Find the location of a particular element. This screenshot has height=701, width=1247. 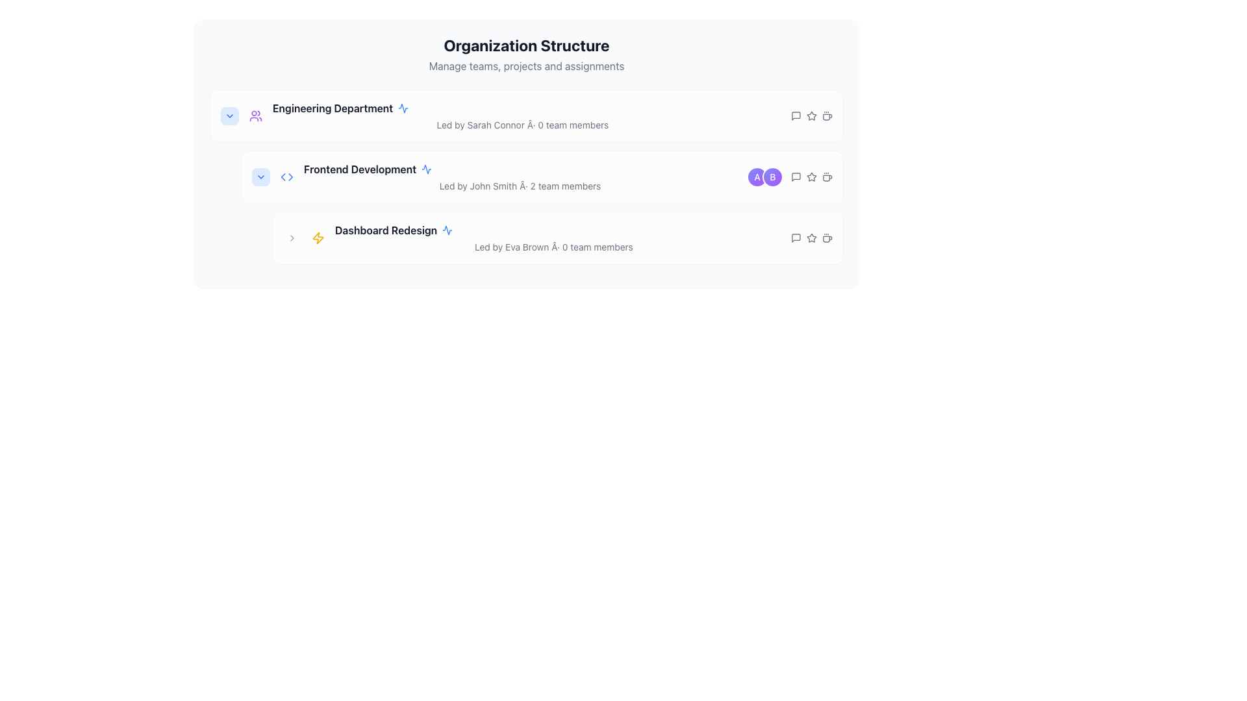

the decorative icon representing activity in the 'Dashboard Redesign' section, located to the right of the yellow lightning bolt icon is located at coordinates (447, 229).